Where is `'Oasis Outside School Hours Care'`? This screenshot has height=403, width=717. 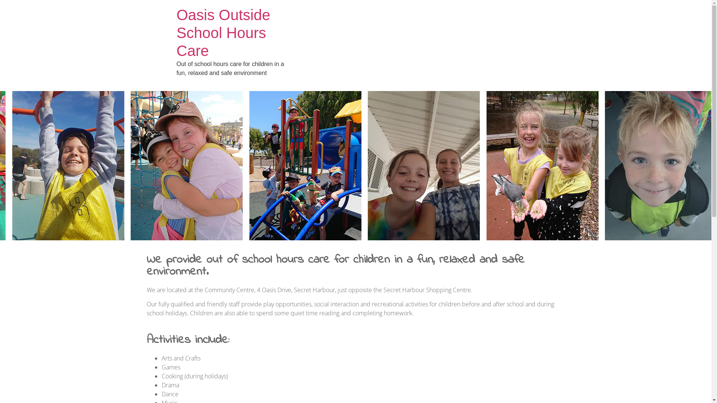 'Oasis Outside School Hours Care' is located at coordinates (223, 32).